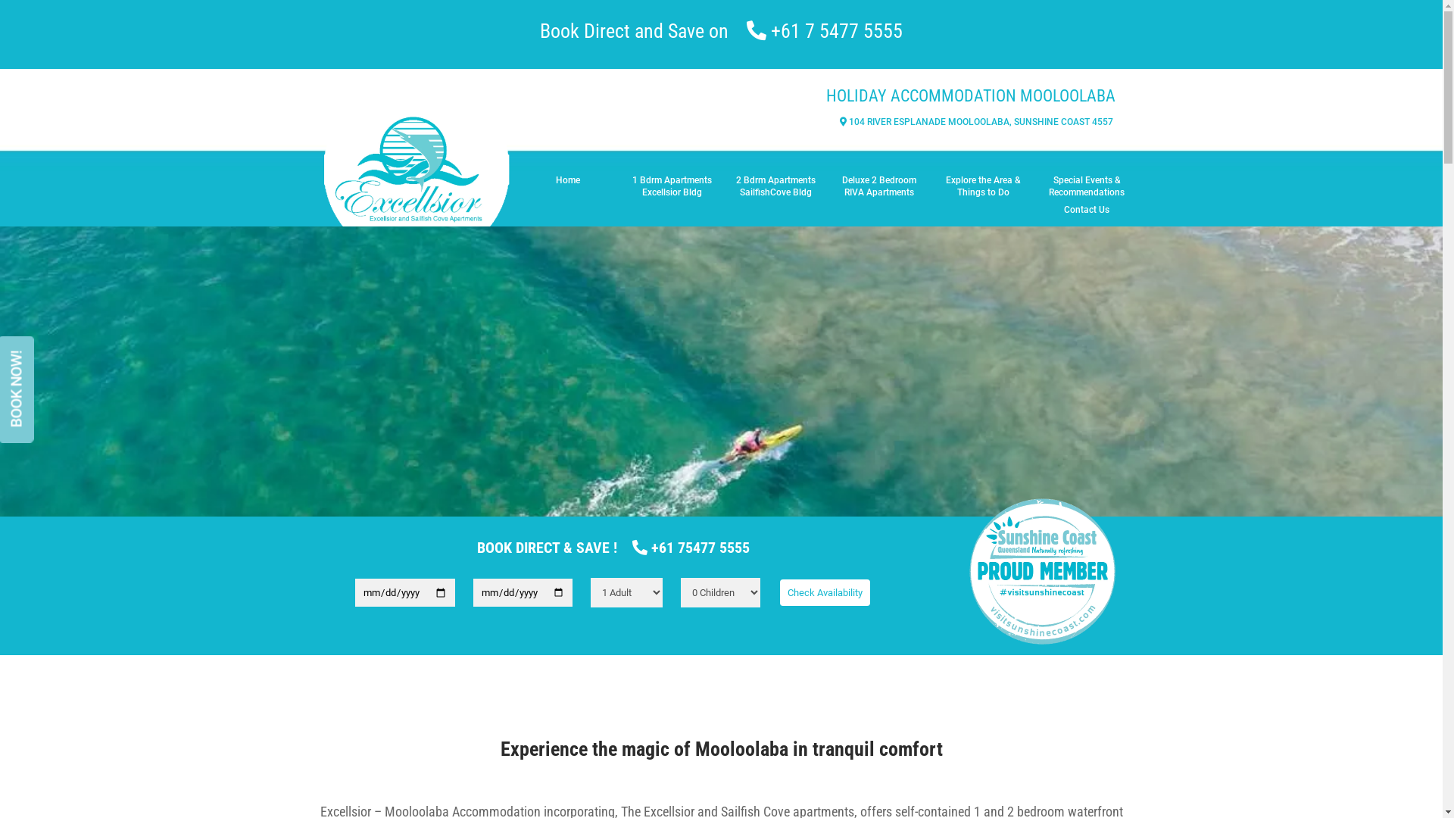 The height and width of the screenshot is (818, 1454). I want to click on 'Contact Us', so click(1086, 210).